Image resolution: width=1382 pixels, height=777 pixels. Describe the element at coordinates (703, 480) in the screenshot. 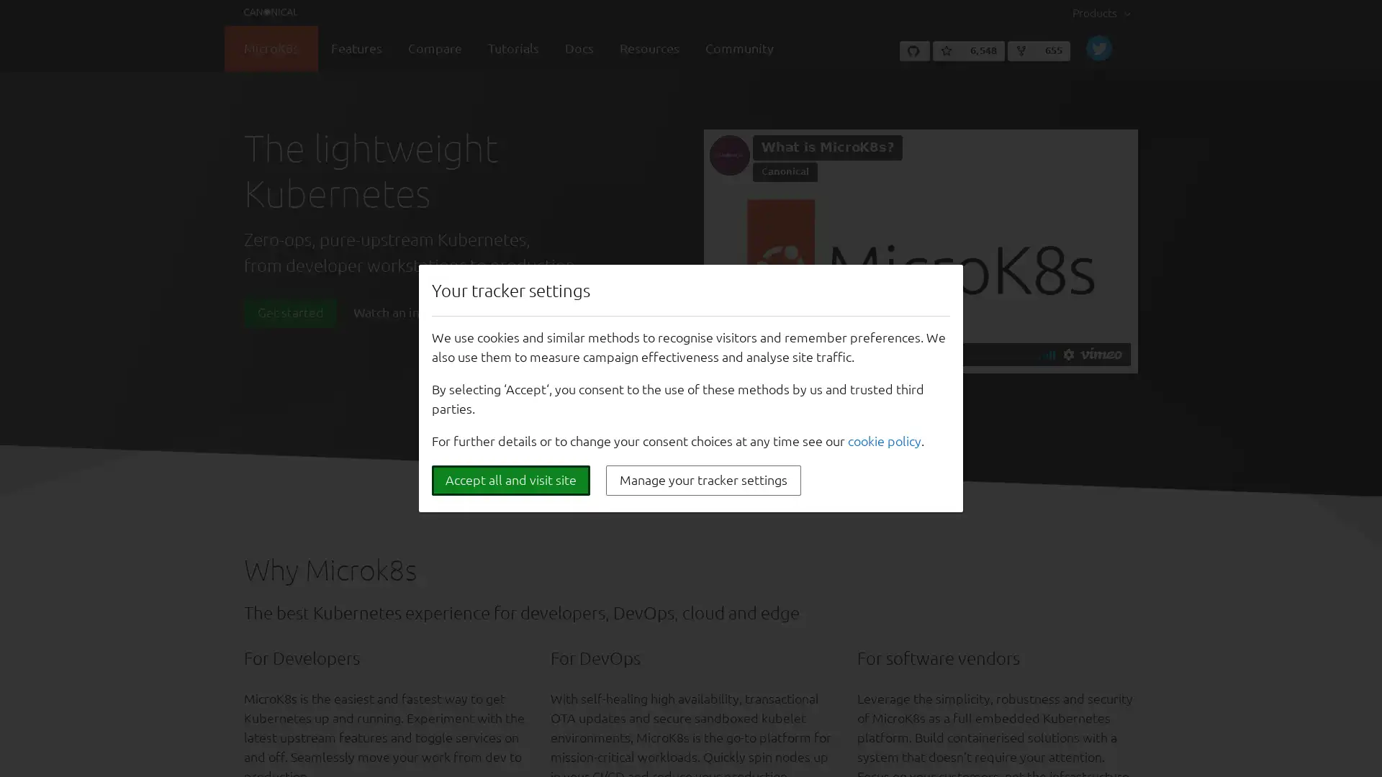

I see `Manage your tracker settings` at that location.